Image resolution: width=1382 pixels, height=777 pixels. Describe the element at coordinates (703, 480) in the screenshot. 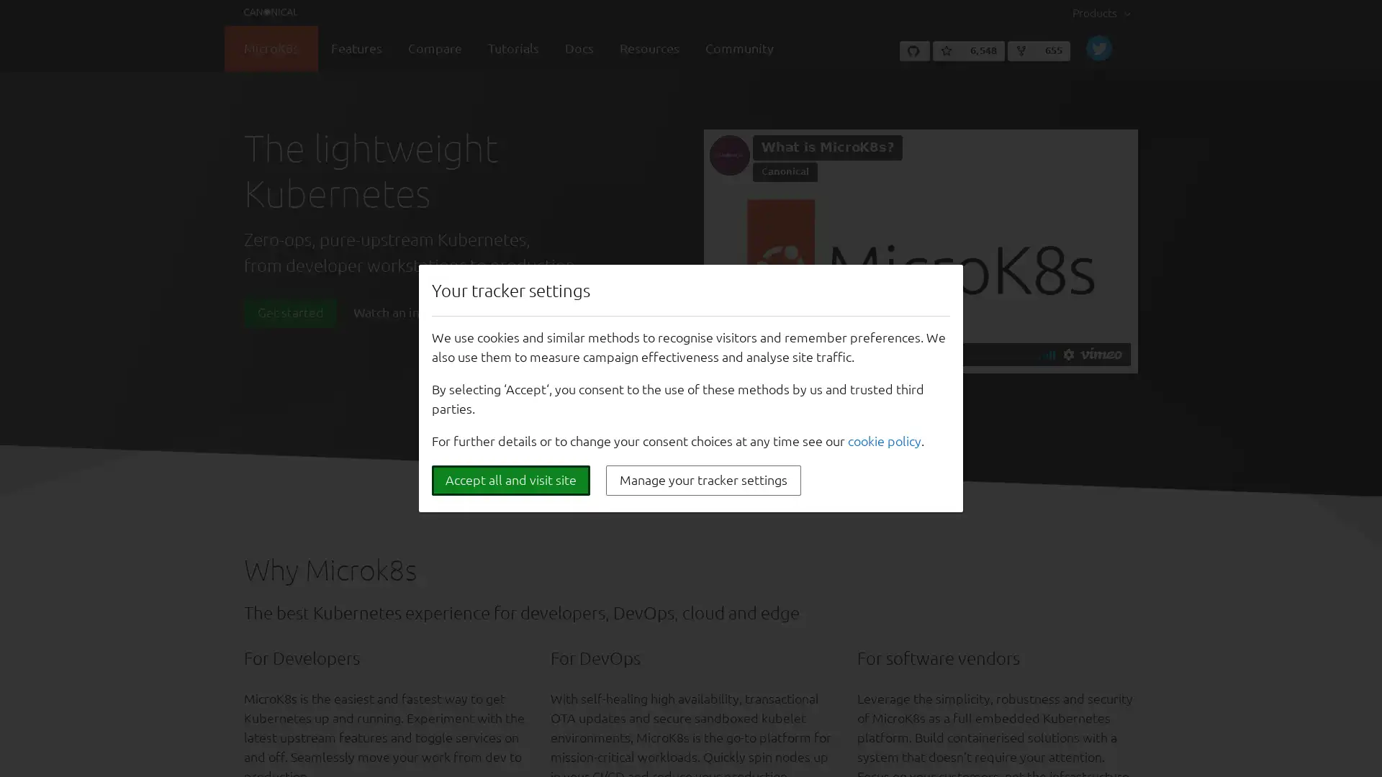

I see `Manage your tracker settings` at that location.